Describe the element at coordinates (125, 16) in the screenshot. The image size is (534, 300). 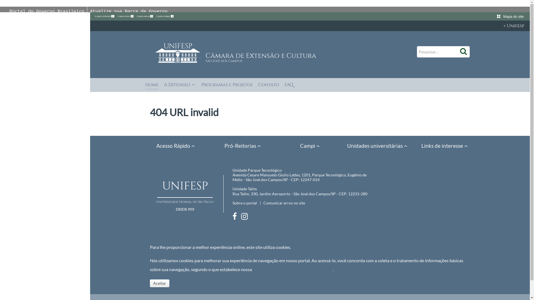
I see `'Ir para menu 2'` at that location.